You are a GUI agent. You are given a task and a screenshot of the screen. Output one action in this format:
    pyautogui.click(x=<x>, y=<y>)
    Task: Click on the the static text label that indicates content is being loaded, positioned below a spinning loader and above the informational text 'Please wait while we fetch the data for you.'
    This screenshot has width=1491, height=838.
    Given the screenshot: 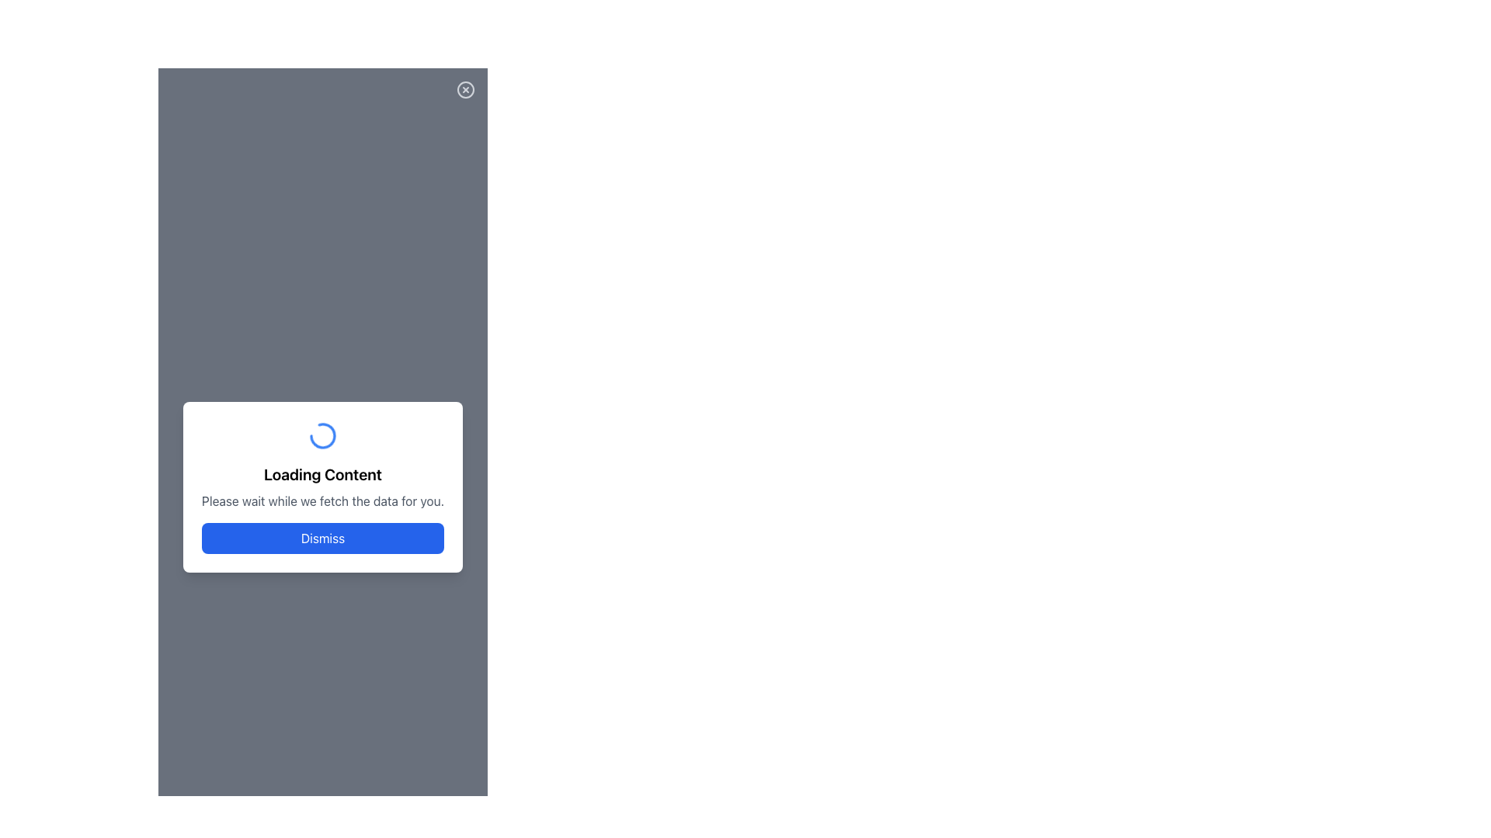 What is the action you would take?
    pyautogui.click(x=322, y=474)
    